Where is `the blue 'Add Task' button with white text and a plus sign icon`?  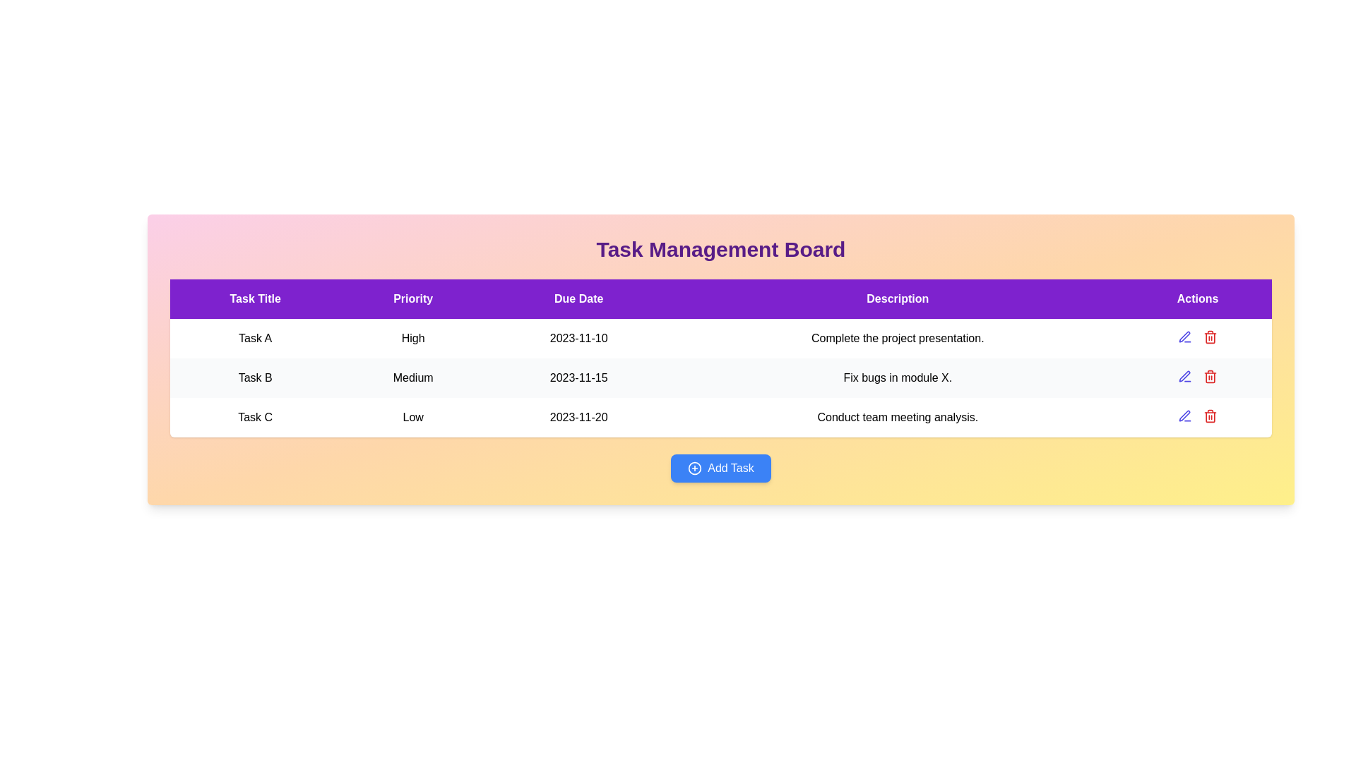
the blue 'Add Task' button with white text and a plus sign icon is located at coordinates (721, 468).